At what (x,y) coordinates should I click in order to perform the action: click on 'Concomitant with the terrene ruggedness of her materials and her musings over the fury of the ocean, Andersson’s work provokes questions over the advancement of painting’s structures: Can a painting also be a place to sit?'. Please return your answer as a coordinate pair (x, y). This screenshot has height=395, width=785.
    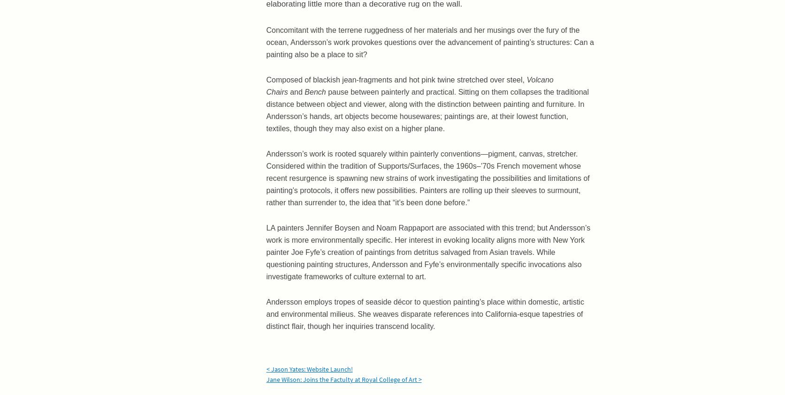
    Looking at the image, I should click on (429, 41).